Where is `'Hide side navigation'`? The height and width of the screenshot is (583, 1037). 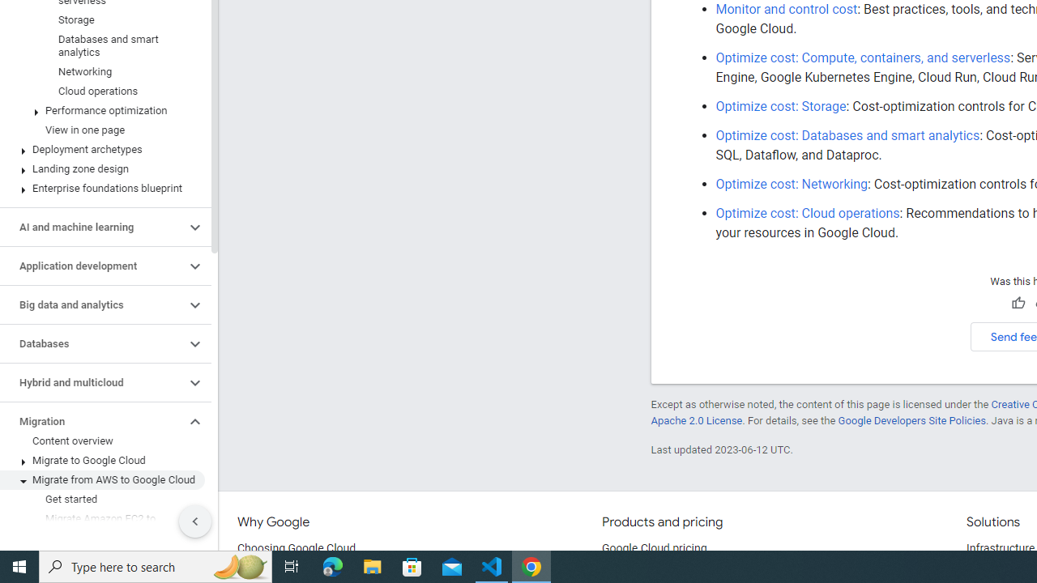
'Hide side navigation' is located at coordinates (194, 521).